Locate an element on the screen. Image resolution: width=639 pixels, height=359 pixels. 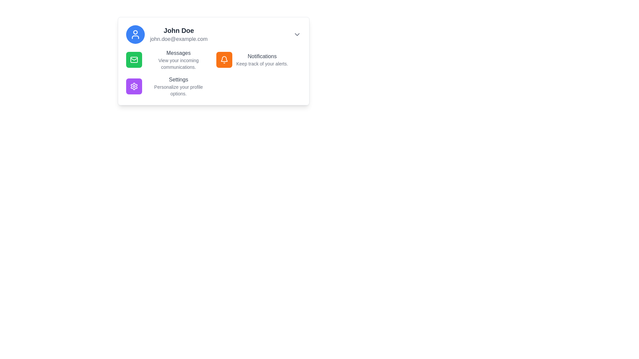
text label titled 'Notifications' and its subtitle 'Keep track of your alerts.' which is styled in medium gray and bold font, located in the middle-right section of the menu layout is located at coordinates (262, 60).